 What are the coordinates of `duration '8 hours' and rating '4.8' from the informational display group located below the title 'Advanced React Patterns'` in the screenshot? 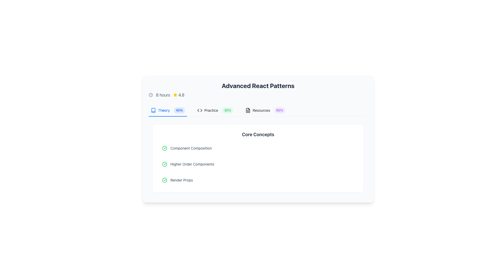 It's located at (258, 95).